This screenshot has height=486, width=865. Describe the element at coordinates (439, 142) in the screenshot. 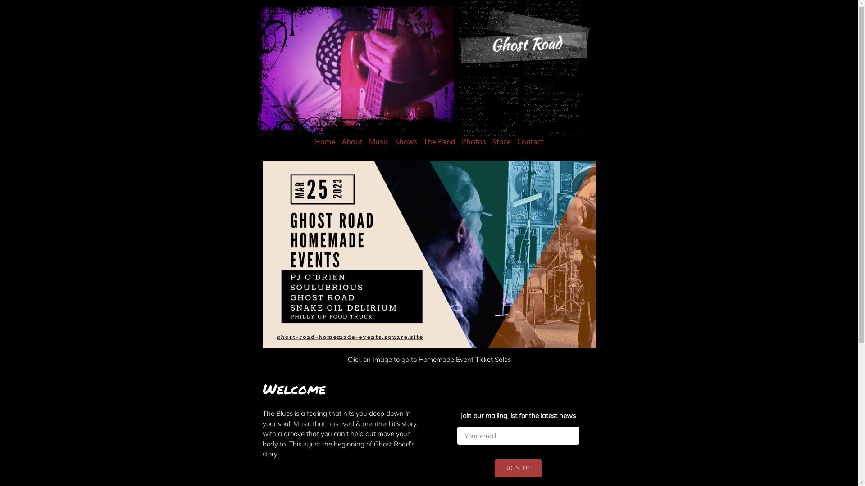

I see `'The Band'` at that location.